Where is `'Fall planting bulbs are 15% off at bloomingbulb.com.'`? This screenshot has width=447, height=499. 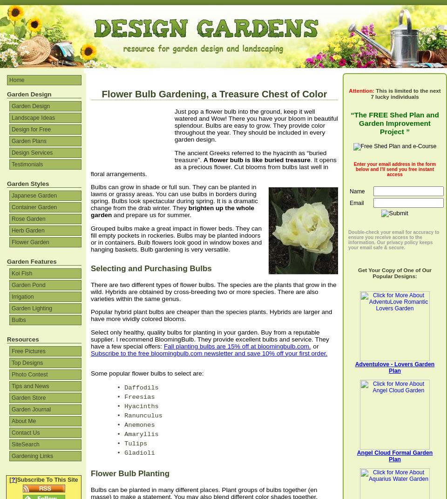
'Fall planting bulbs are 15% off at bloomingbulb.com.' is located at coordinates (236, 346).